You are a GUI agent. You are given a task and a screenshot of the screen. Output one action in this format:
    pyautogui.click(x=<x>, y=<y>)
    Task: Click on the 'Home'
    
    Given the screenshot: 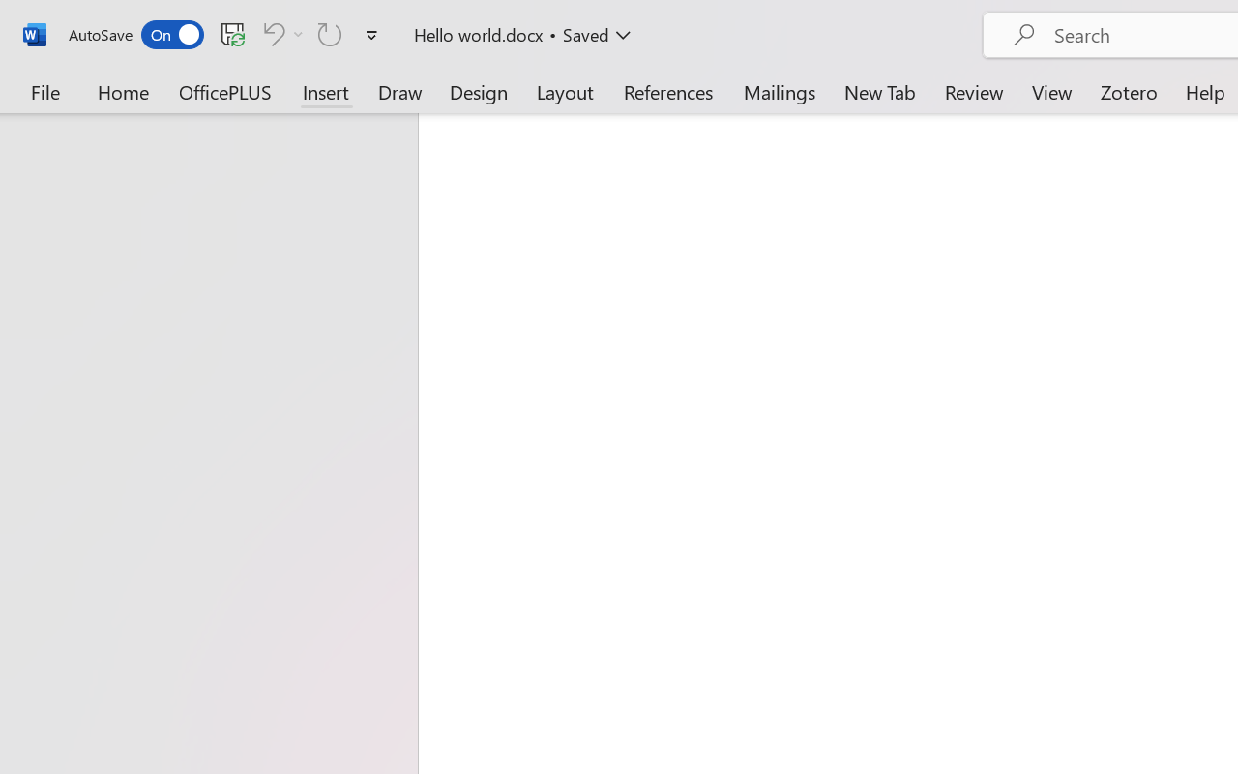 What is the action you would take?
    pyautogui.click(x=123, y=91)
    